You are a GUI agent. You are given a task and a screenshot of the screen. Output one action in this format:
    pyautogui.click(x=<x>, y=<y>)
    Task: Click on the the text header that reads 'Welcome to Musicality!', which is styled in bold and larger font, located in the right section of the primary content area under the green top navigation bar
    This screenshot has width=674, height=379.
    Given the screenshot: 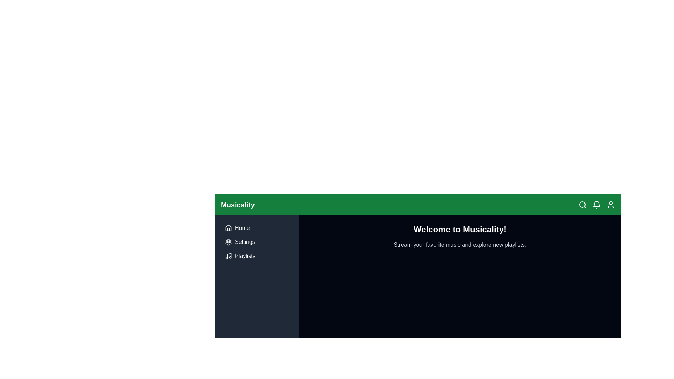 What is the action you would take?
    pyautogui.click(x=460, y=230)
    